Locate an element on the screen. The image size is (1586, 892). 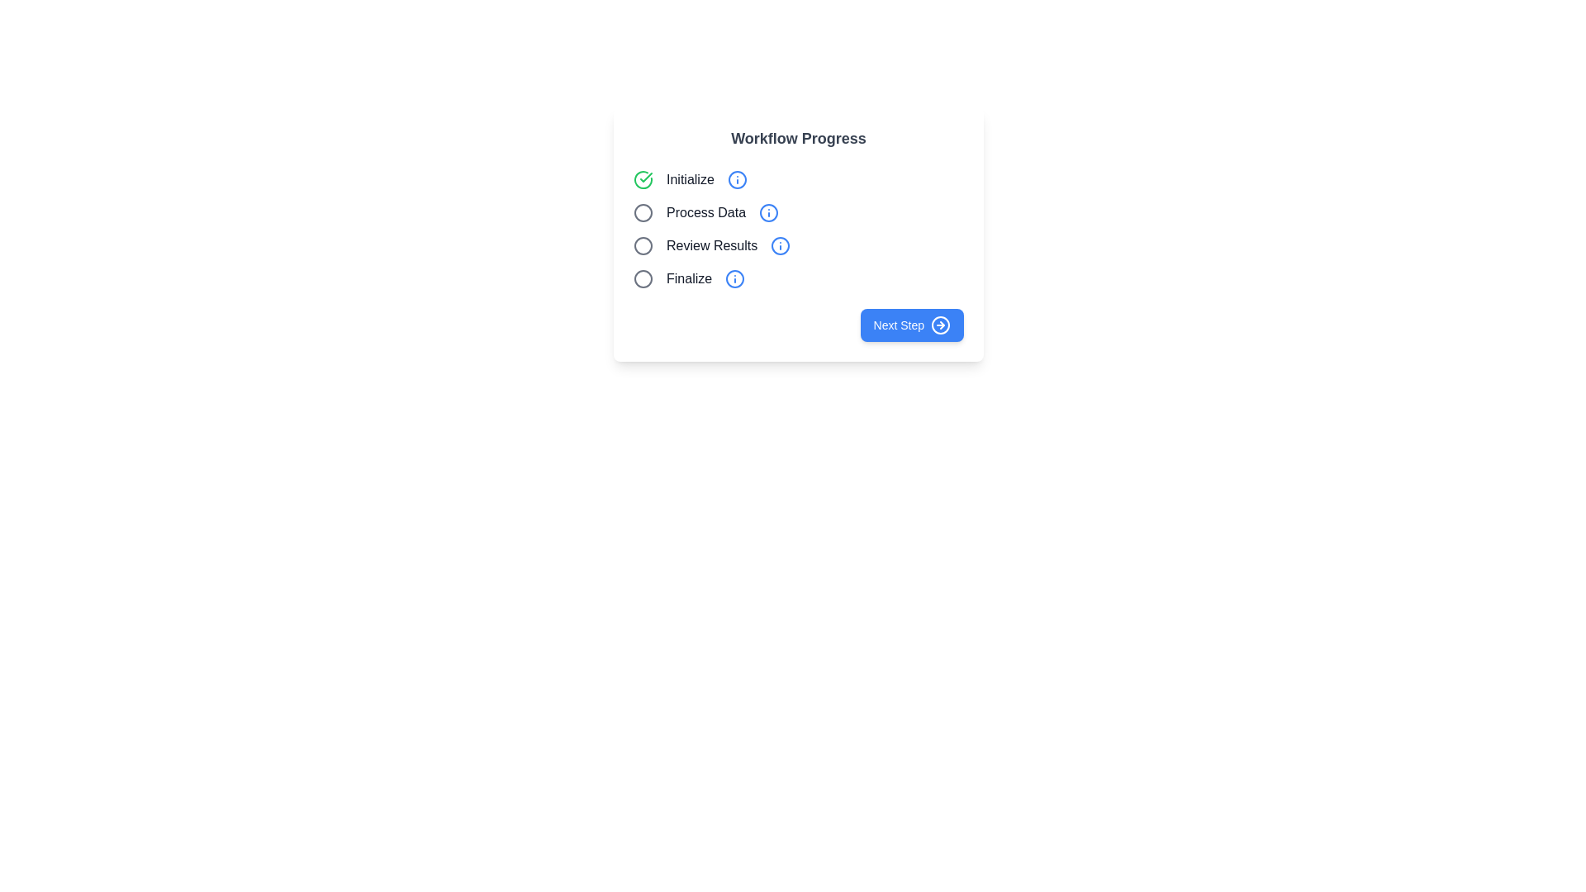
the completion icon located to the far left of the 'Initialize' label in the 'Workflow Progress' section, which visually represents the affirmative status of the task is located at coordinates (645, 178).